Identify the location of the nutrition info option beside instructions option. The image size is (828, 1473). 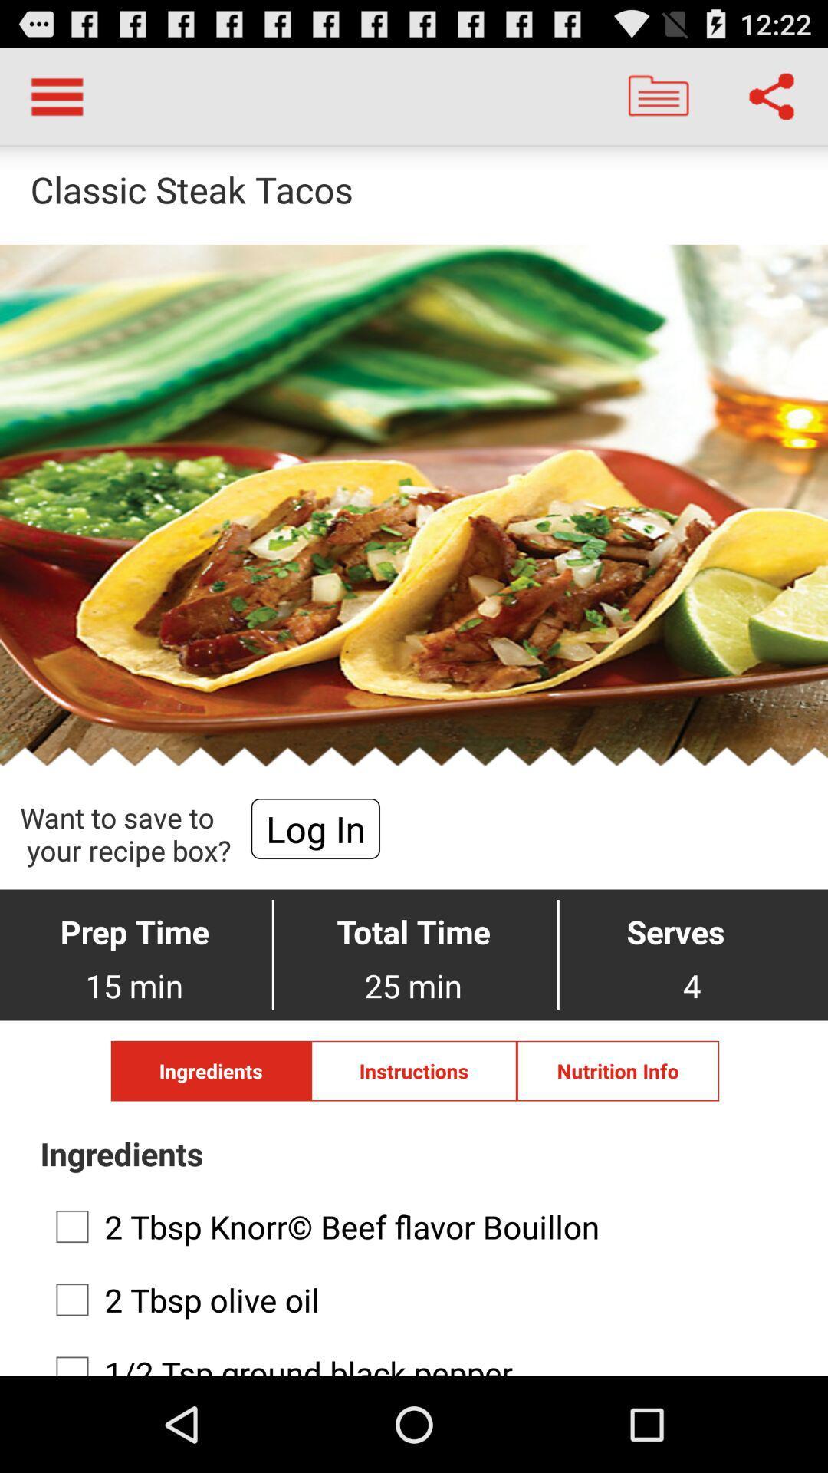
(617, 1070).